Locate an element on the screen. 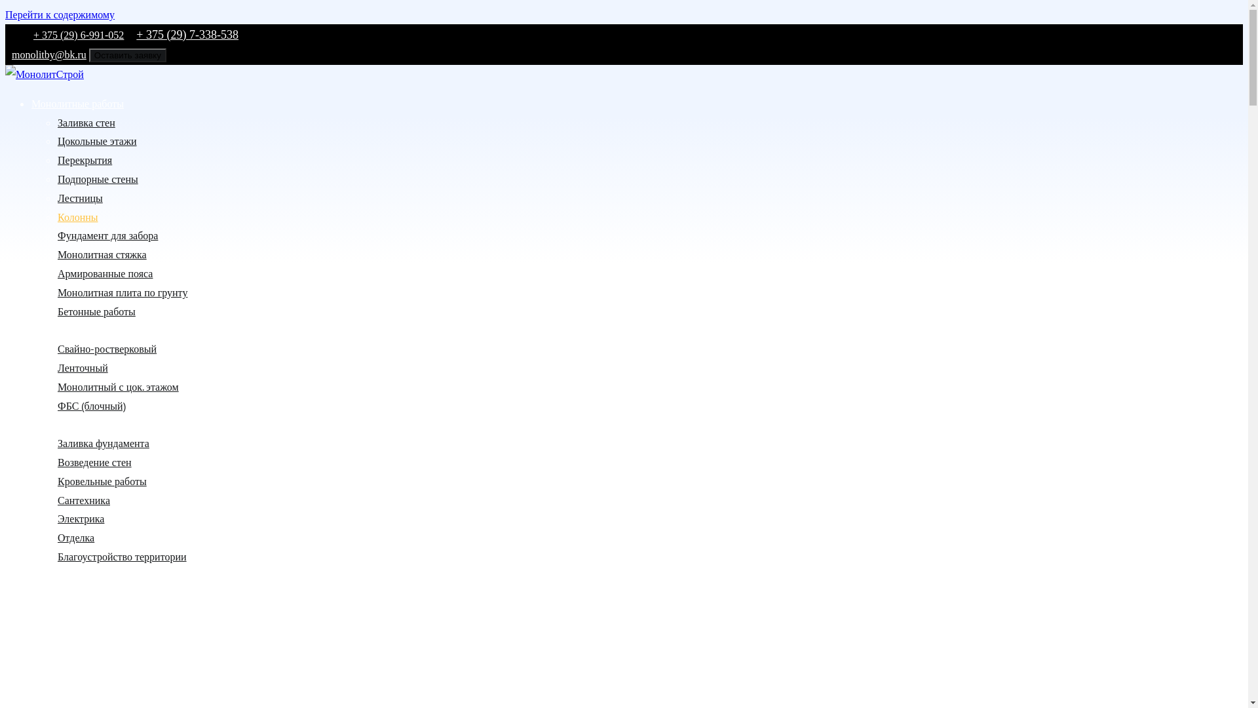 This screenshot has height=708, width=1258. 'monolitby@bk.ru' is located at coordinates (5, 54).